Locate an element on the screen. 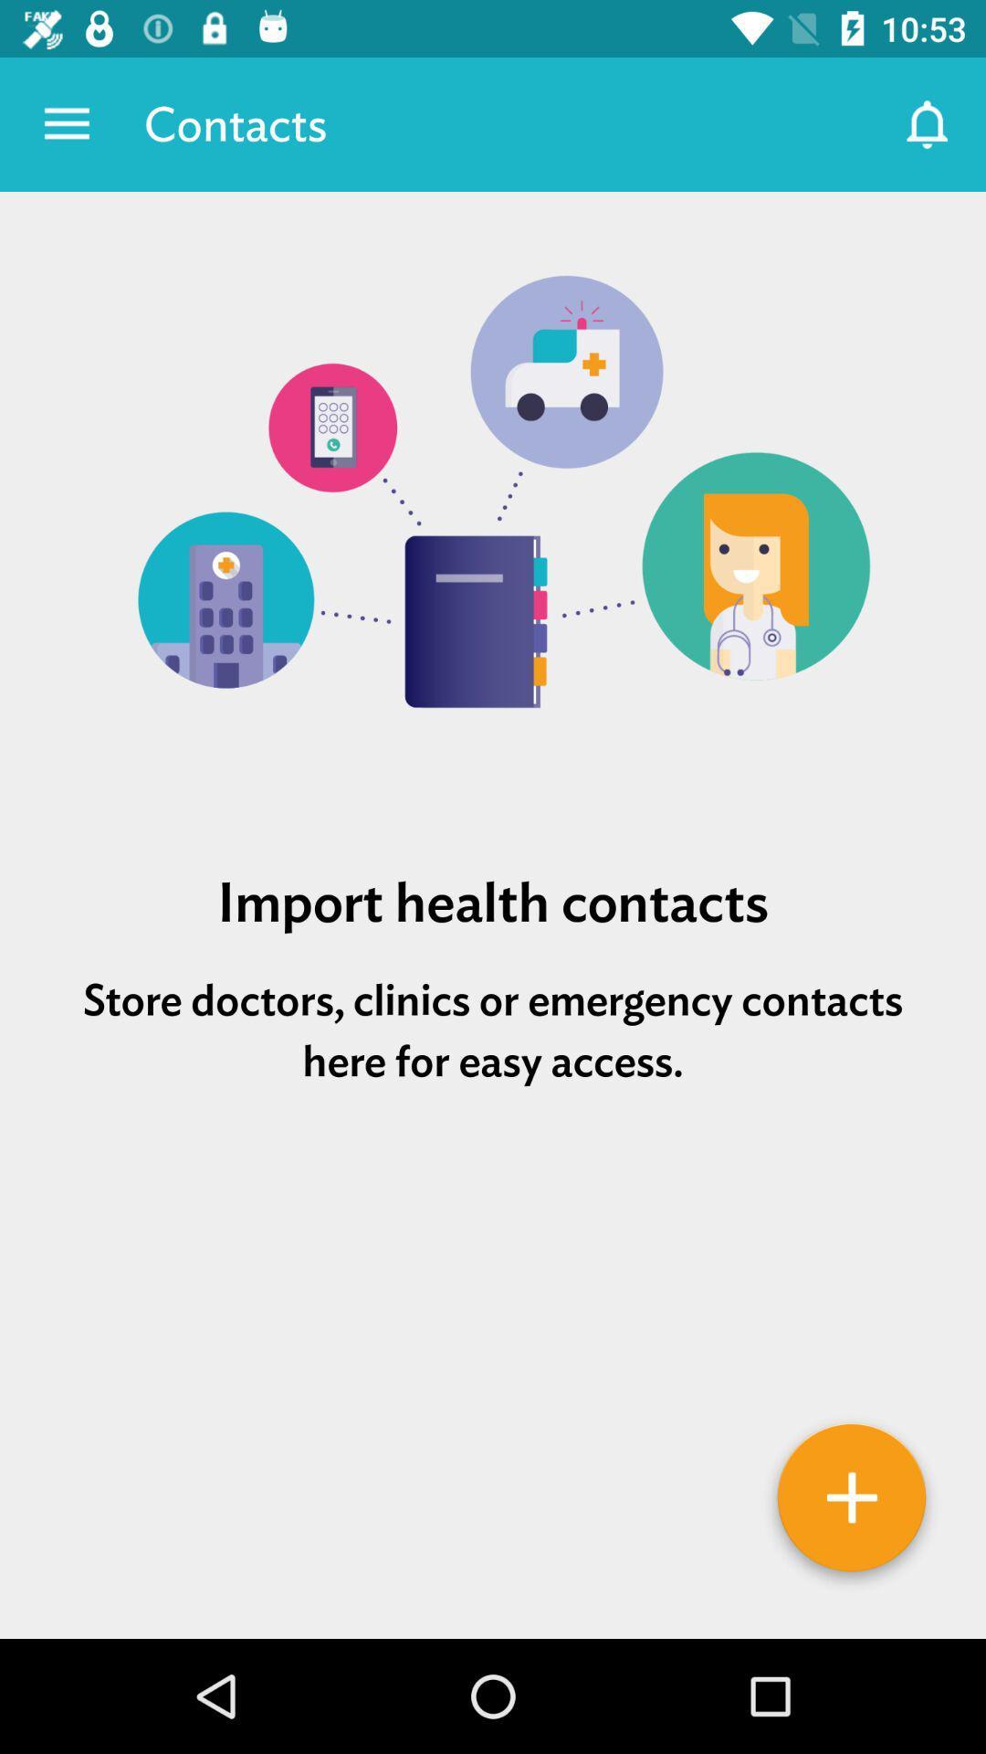 The image size is (986, 1754). add option is located at coordinates (852, 1504).